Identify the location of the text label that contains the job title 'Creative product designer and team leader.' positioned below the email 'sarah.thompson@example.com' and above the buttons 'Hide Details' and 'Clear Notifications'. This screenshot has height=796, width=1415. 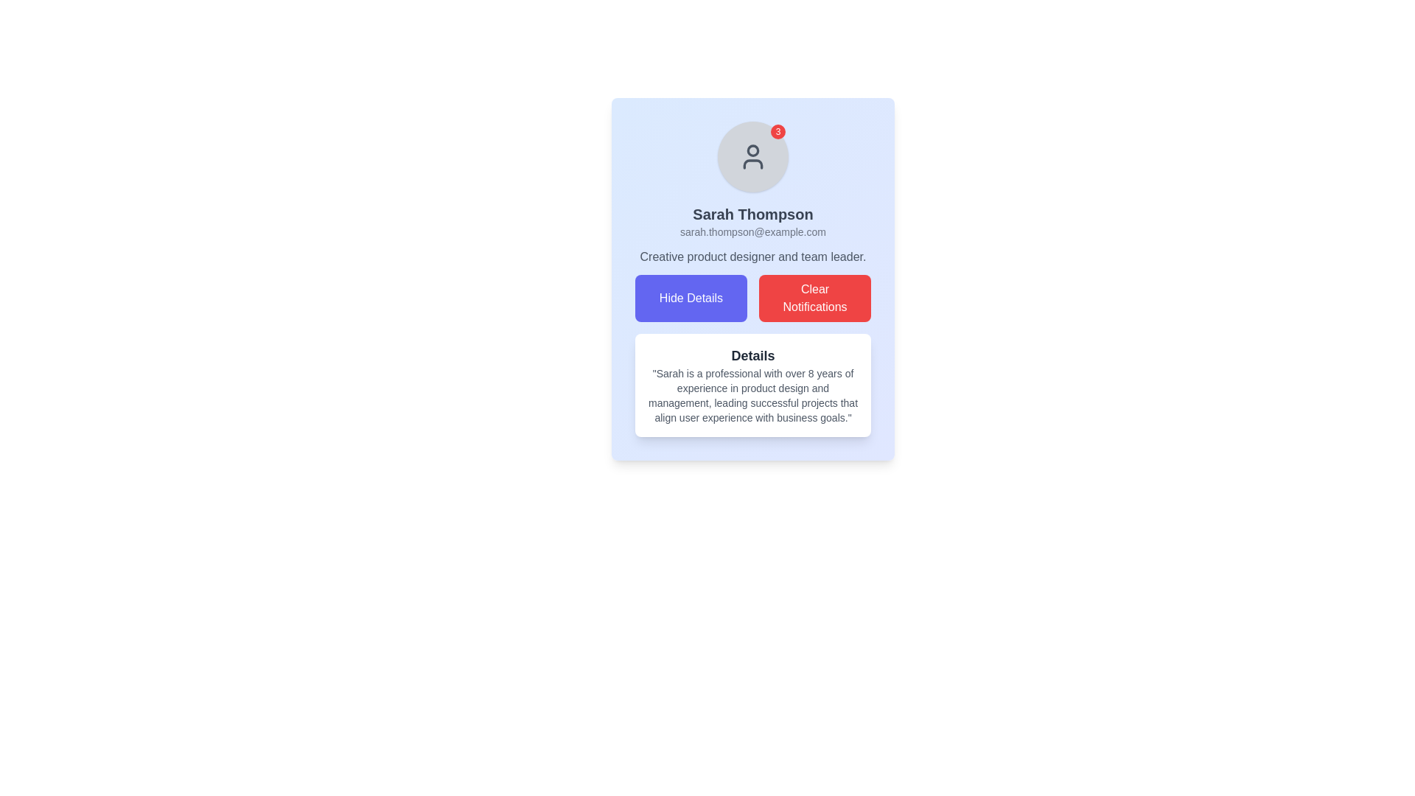
(753, 256).